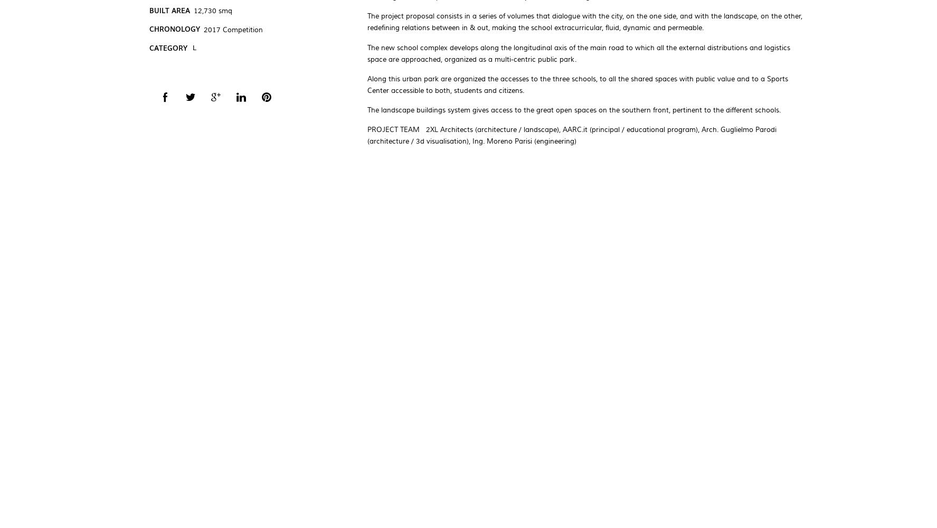 Image resolution: width=937 pixels, height=528 pixels. What do you see at coordinates (169, 10) in the screenshot?
I see `'Built Area'` at bounding box center [169, 10].